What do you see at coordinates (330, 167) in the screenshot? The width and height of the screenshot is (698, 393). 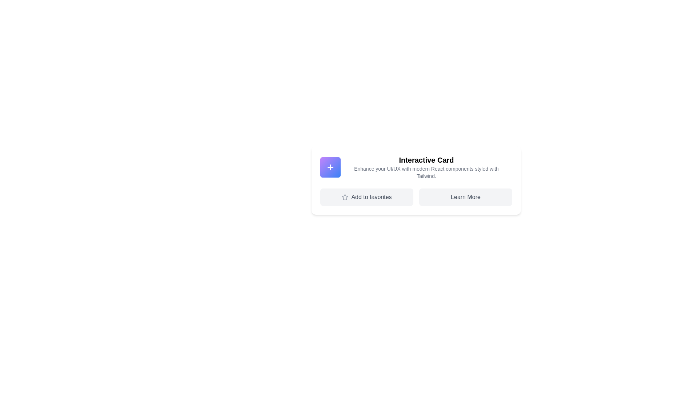 I see `the square icon with a gradient background from purple to blue, featuring a central white plus icon, located at the upper left corner of the 'Interactive Card'` at bounding box center [330, 167].